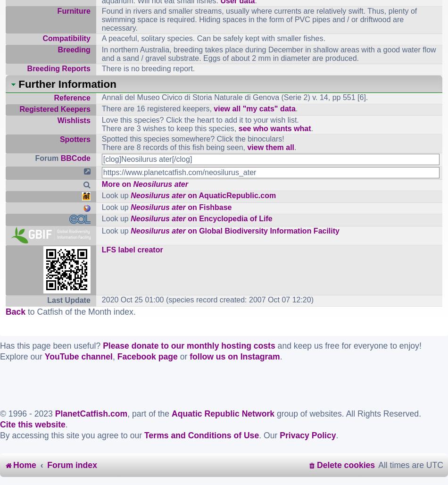 Image resolution: width=448 pixels, height=485 pixels. Describe the element at coordinates (401, 464) in the screenshot. I see `'All times are'` at that location.